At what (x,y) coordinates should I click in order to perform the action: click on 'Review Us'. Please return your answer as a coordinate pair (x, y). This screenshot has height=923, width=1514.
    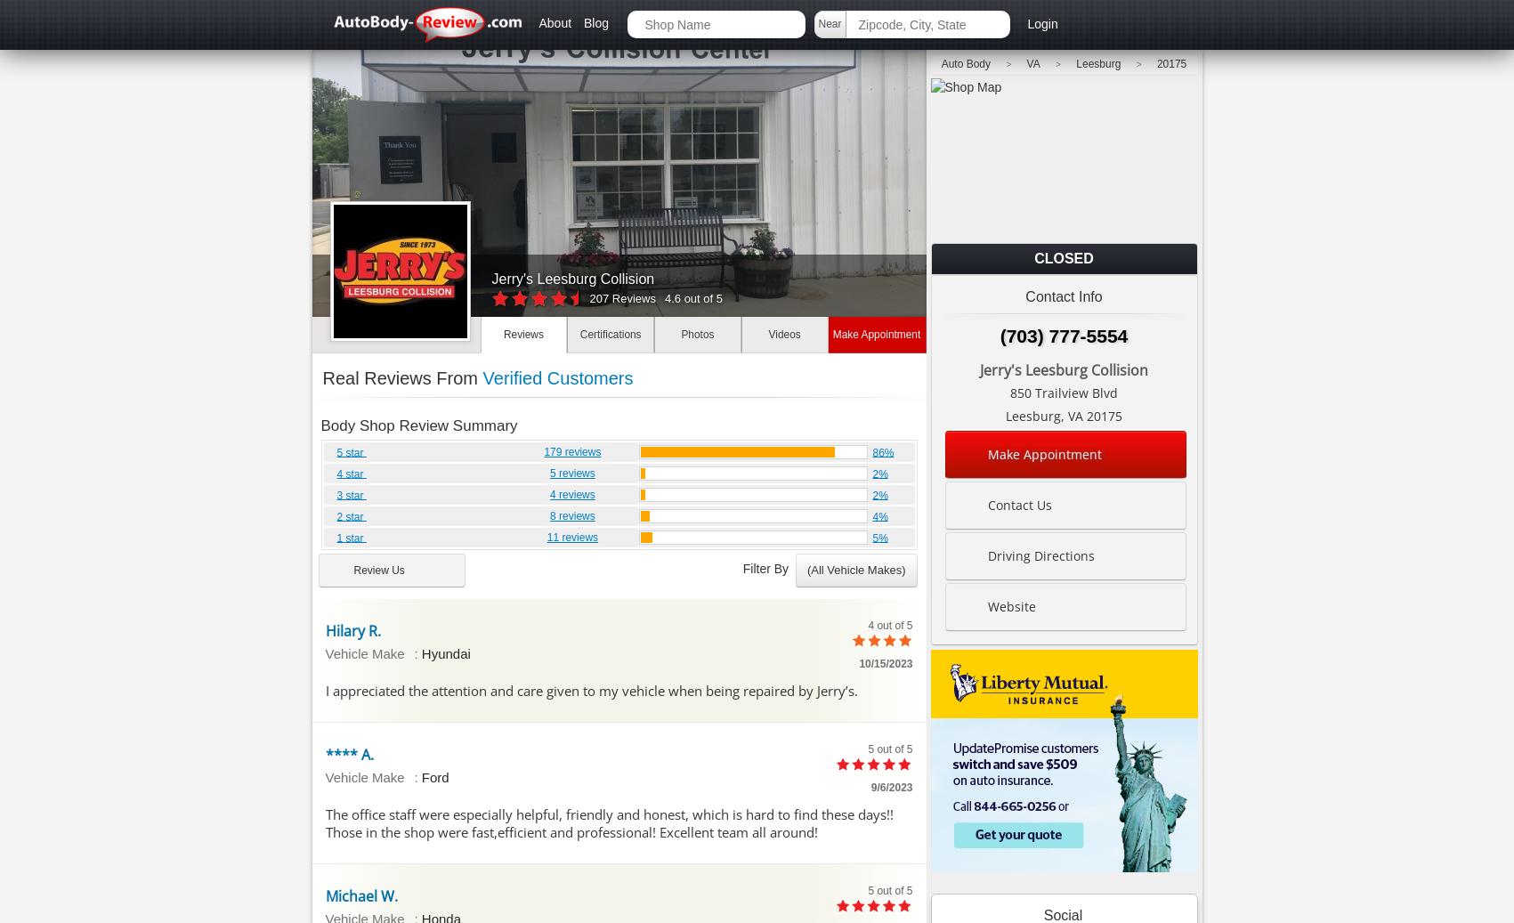
    Looking at the image, I should click on (377, 570).